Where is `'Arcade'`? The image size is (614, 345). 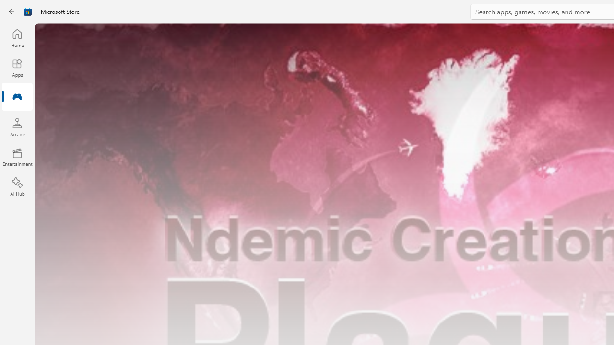 'Arcade' is located at coordinates (17, 126).